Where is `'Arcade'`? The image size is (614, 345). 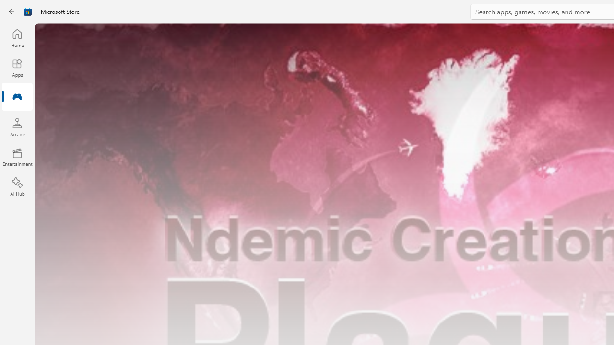 'Arcade' is located at coordinates (17, 126).